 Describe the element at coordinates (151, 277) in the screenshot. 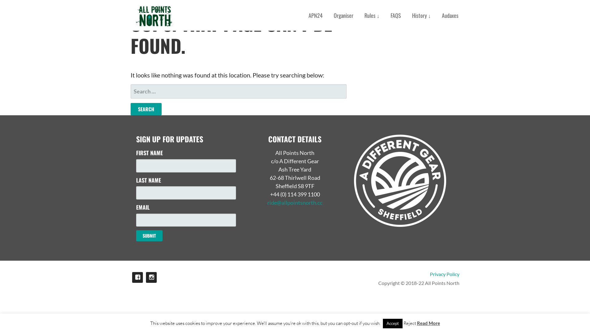

I see `'INSTAGRAM'` at that location.